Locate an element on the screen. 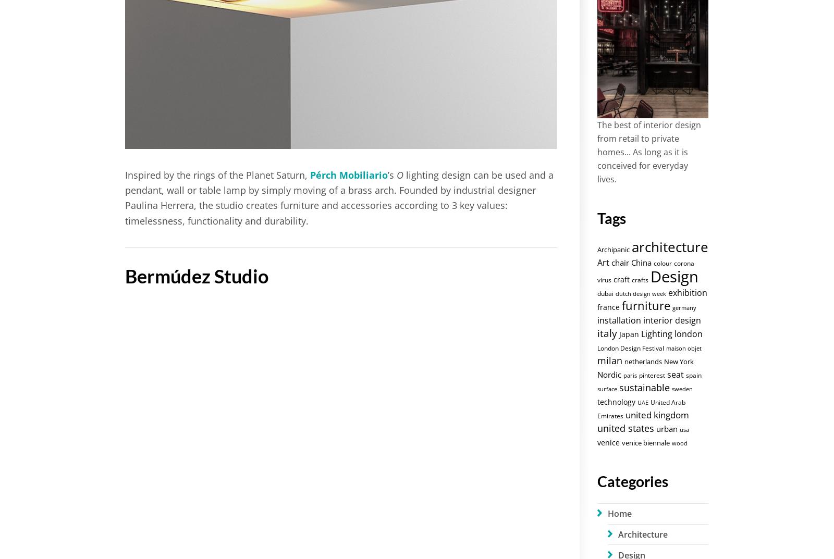 The width and height of the screenshot is (834, 559). 'Categories' is located at coordinates (631, 480).